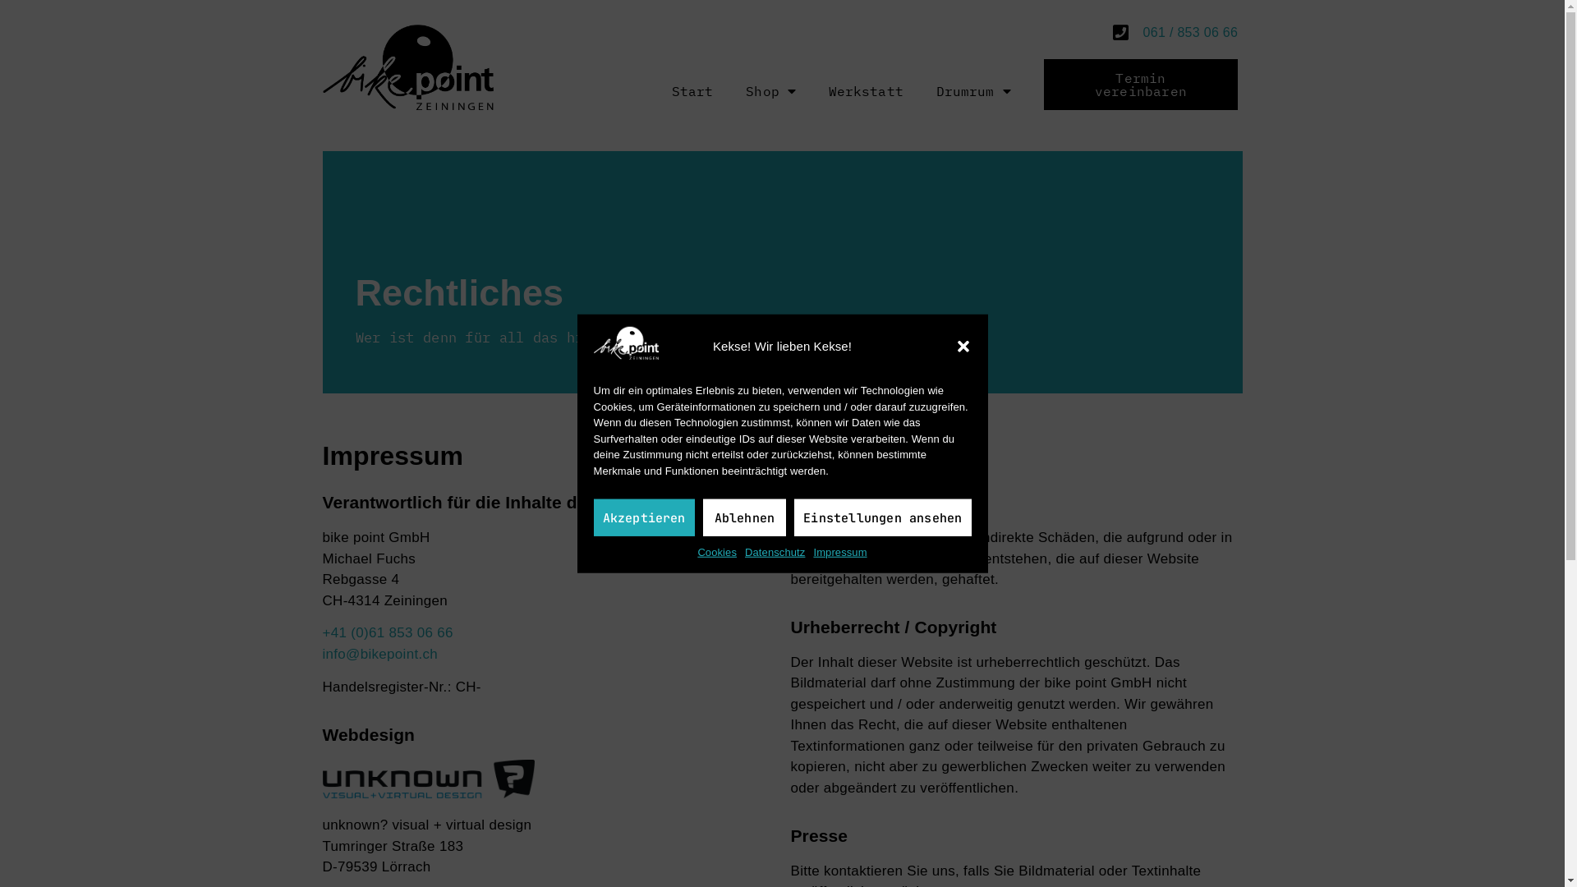  I want to click on '061 / 853 06 66', so click(1140, 32).